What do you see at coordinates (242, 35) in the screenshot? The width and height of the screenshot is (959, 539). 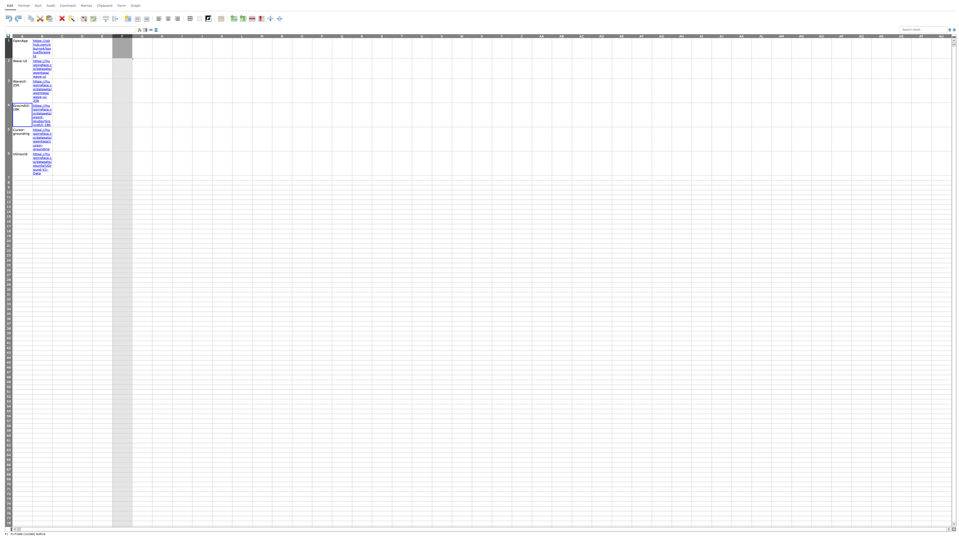 I see `column L` at bounding box center [242, 35].